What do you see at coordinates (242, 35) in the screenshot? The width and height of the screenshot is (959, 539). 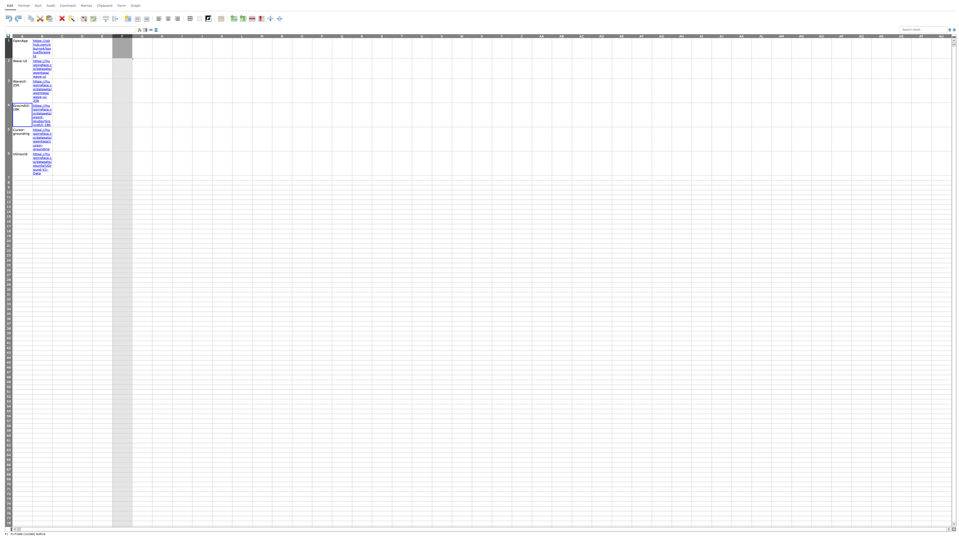 I see `column L` at bounding box center [242, 35].